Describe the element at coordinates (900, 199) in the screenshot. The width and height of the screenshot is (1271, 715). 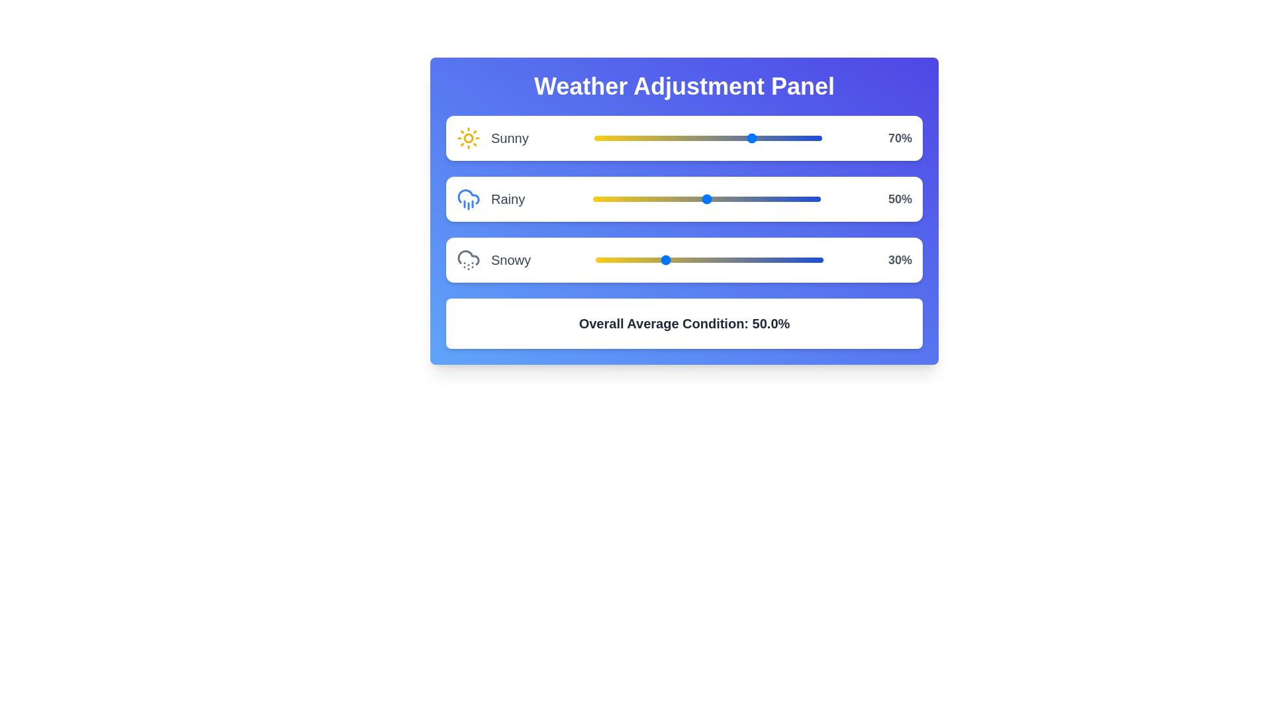
I see `the text label displaying '50%' in bold, dark gray color, located in the 'Rainy' section of the weather adjustment panel` at that location.